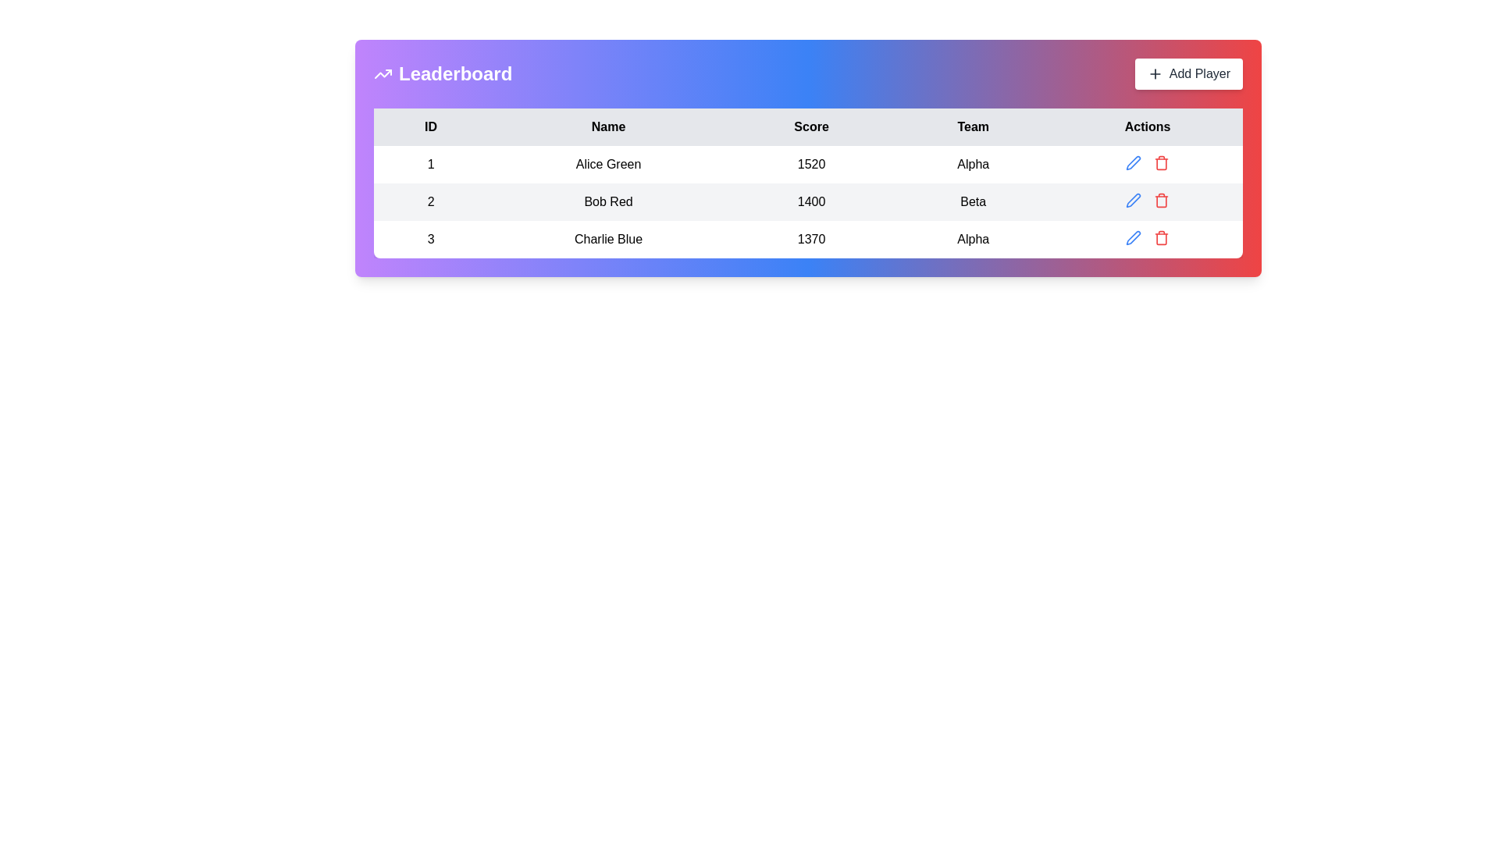  I want to click on the upward trending arrow icon resembling a chart, located in the header section of the 'Leaderboard' panel, so click(383, 74).